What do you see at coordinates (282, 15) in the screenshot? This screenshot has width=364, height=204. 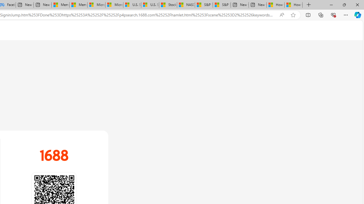 I see `'Read aloud this page (Ctrl+Shift+U)'` at bounding box center [282, 15].